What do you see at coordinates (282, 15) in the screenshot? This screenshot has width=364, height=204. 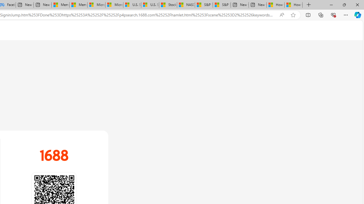 I see `'Read aloud this page (Ctrl+Shift+U)'` at bounding box center [282, 15].